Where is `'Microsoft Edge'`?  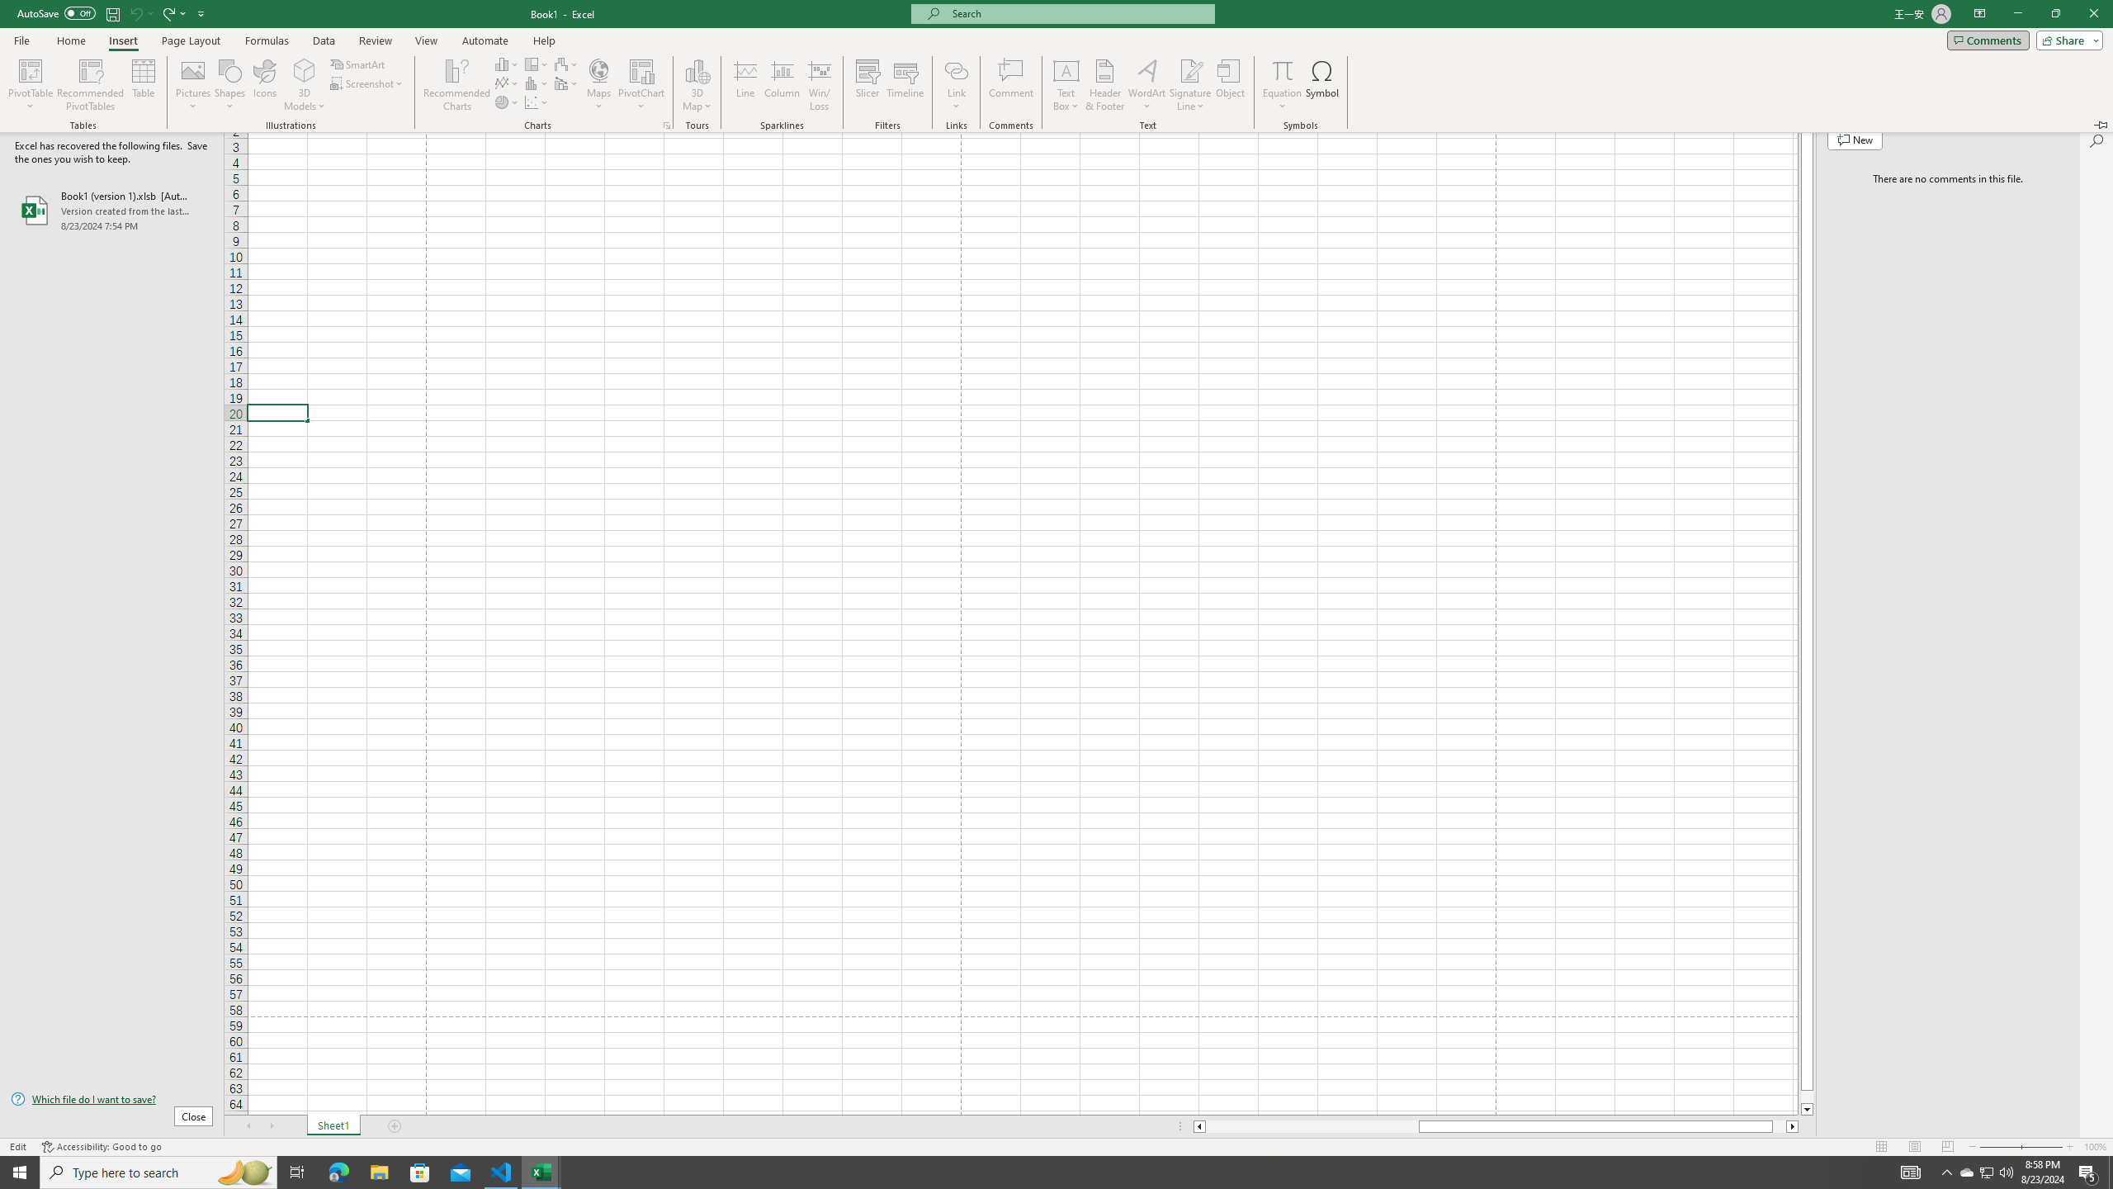
'Microsoft Edge' is located at coordinates (338, 1171).